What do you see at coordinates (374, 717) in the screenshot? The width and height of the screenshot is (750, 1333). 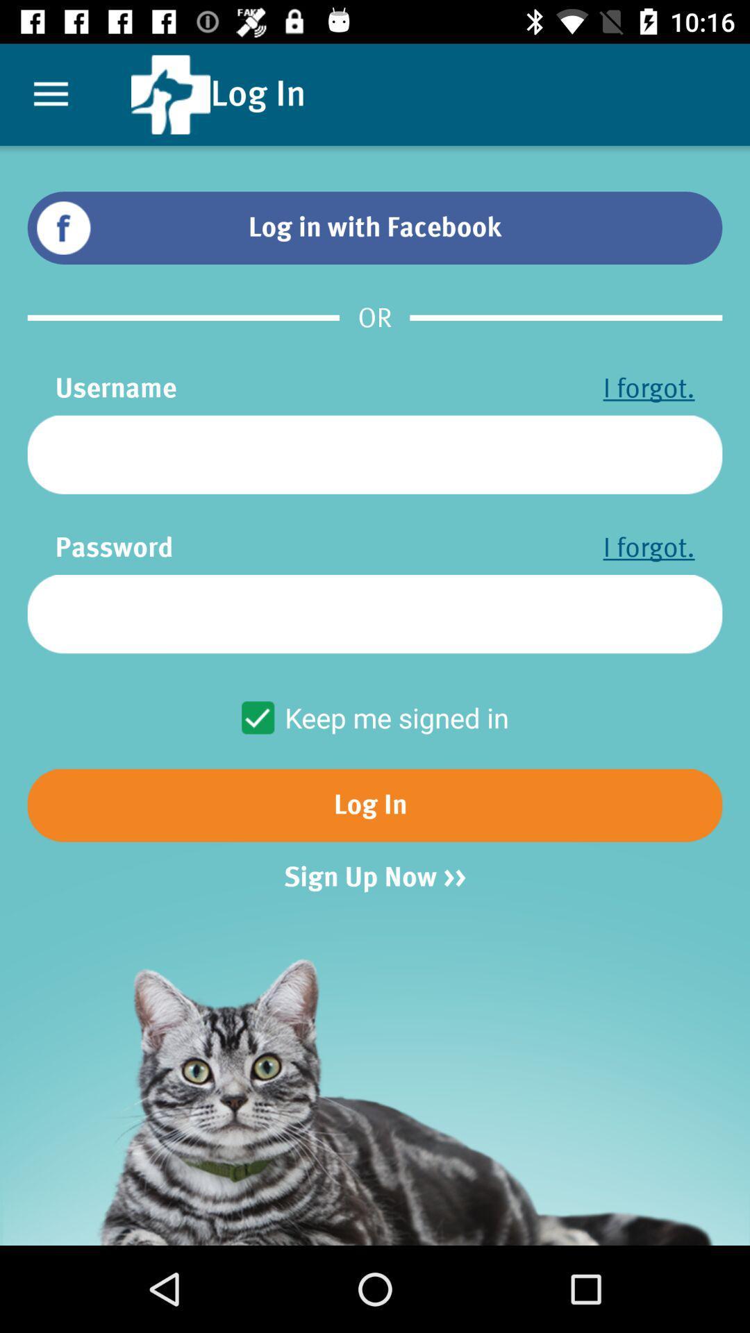 I see `keep me signed item` at bounding box center [374, 717].